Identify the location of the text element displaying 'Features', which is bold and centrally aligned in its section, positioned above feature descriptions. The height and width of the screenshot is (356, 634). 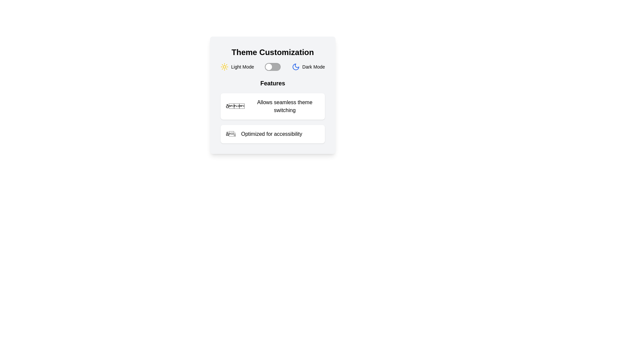
(272, 83).